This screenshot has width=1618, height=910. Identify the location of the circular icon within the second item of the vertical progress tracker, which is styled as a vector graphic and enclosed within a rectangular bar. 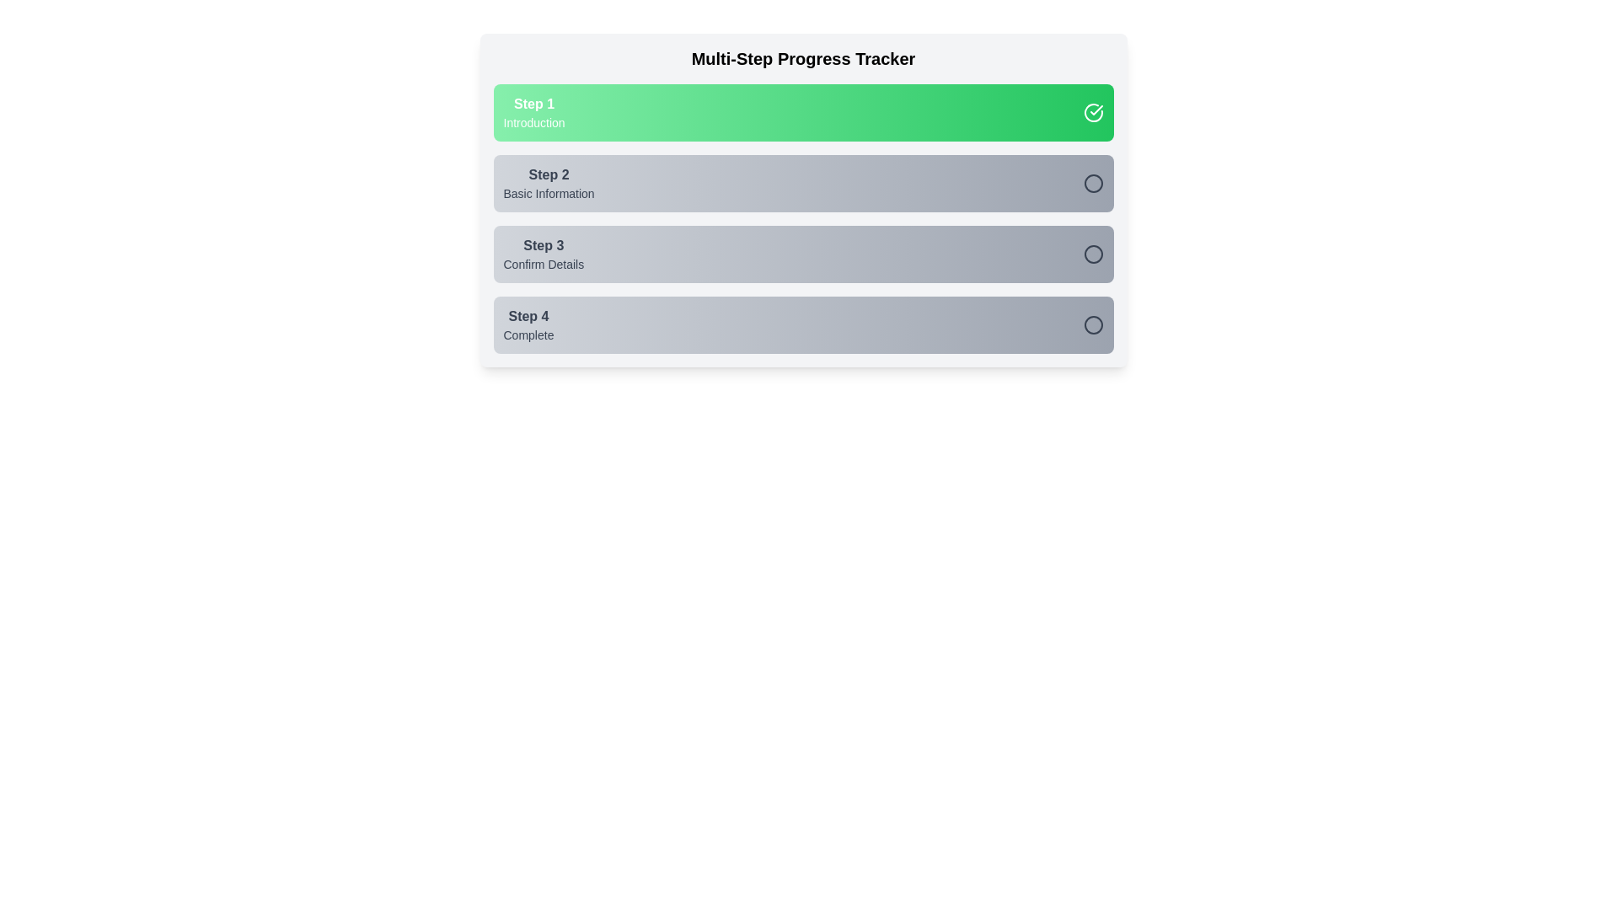
(1093, 184).